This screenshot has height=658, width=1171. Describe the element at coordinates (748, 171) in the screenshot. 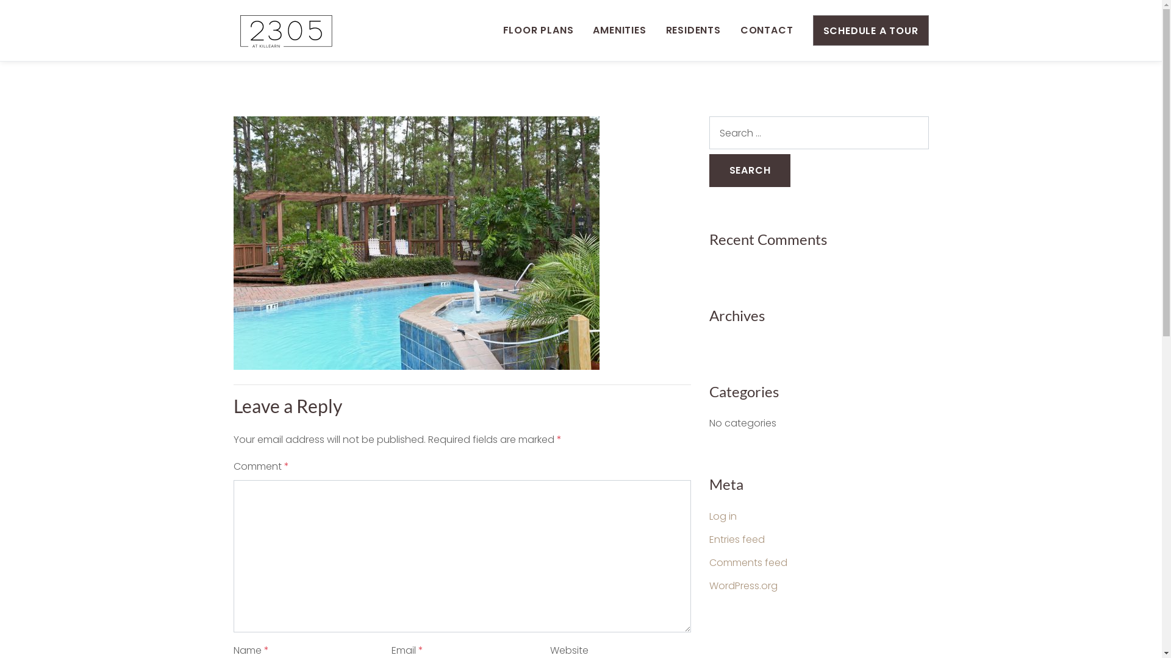

I see `'Search'` at that location.